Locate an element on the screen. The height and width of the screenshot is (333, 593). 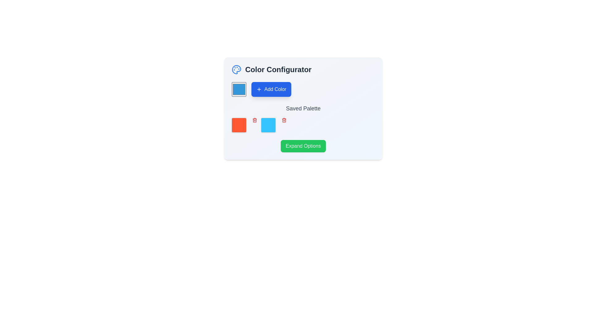
the trash icon button in the top-right corner of the blue square in the 'Saved Palette' section is located at coordinates (284, 120).